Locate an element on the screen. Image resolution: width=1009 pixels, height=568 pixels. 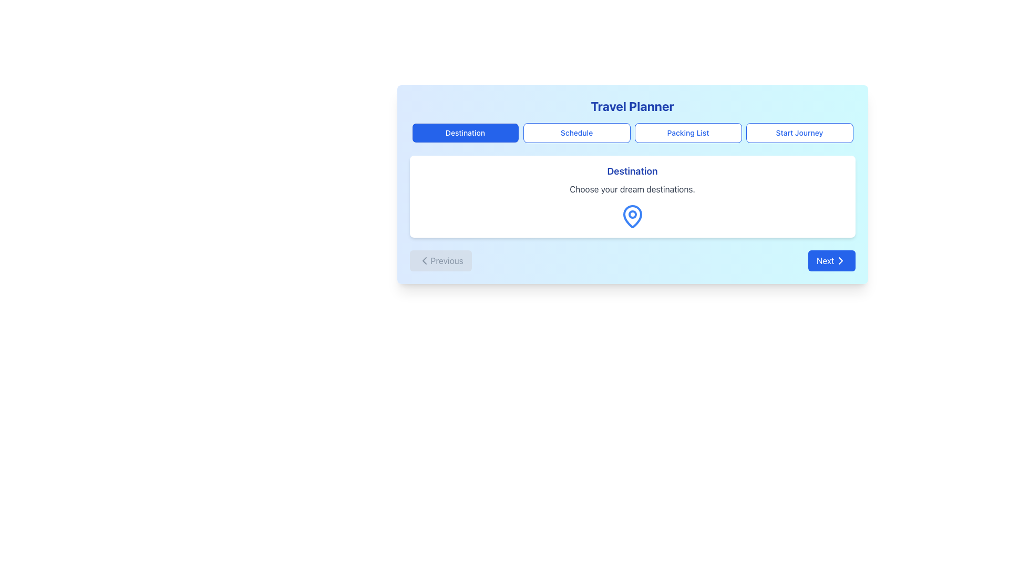
the Informational Card that displays information about selecting travel destinations, located at the center of the 'Travel Planner' panel below the navigation bar is located at coordinates (632, 197).